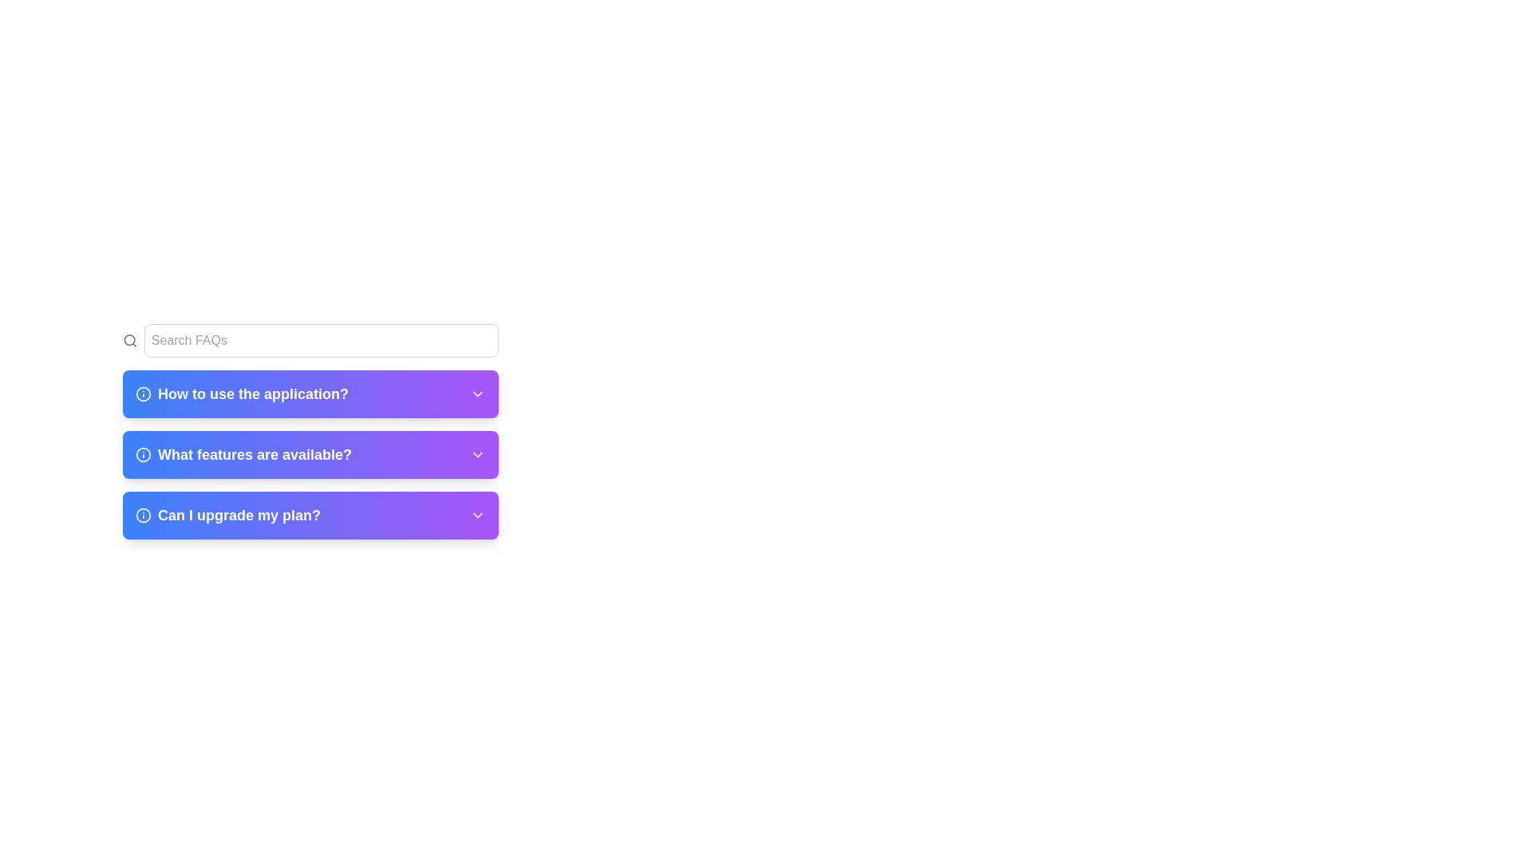 This screenshot has width=1532, height=862. Describe the element at coordinates (310, 437) in the screenshot. I see `the Collapsible section header labeled 'What features are available?' for keyboard navigation` at that location.